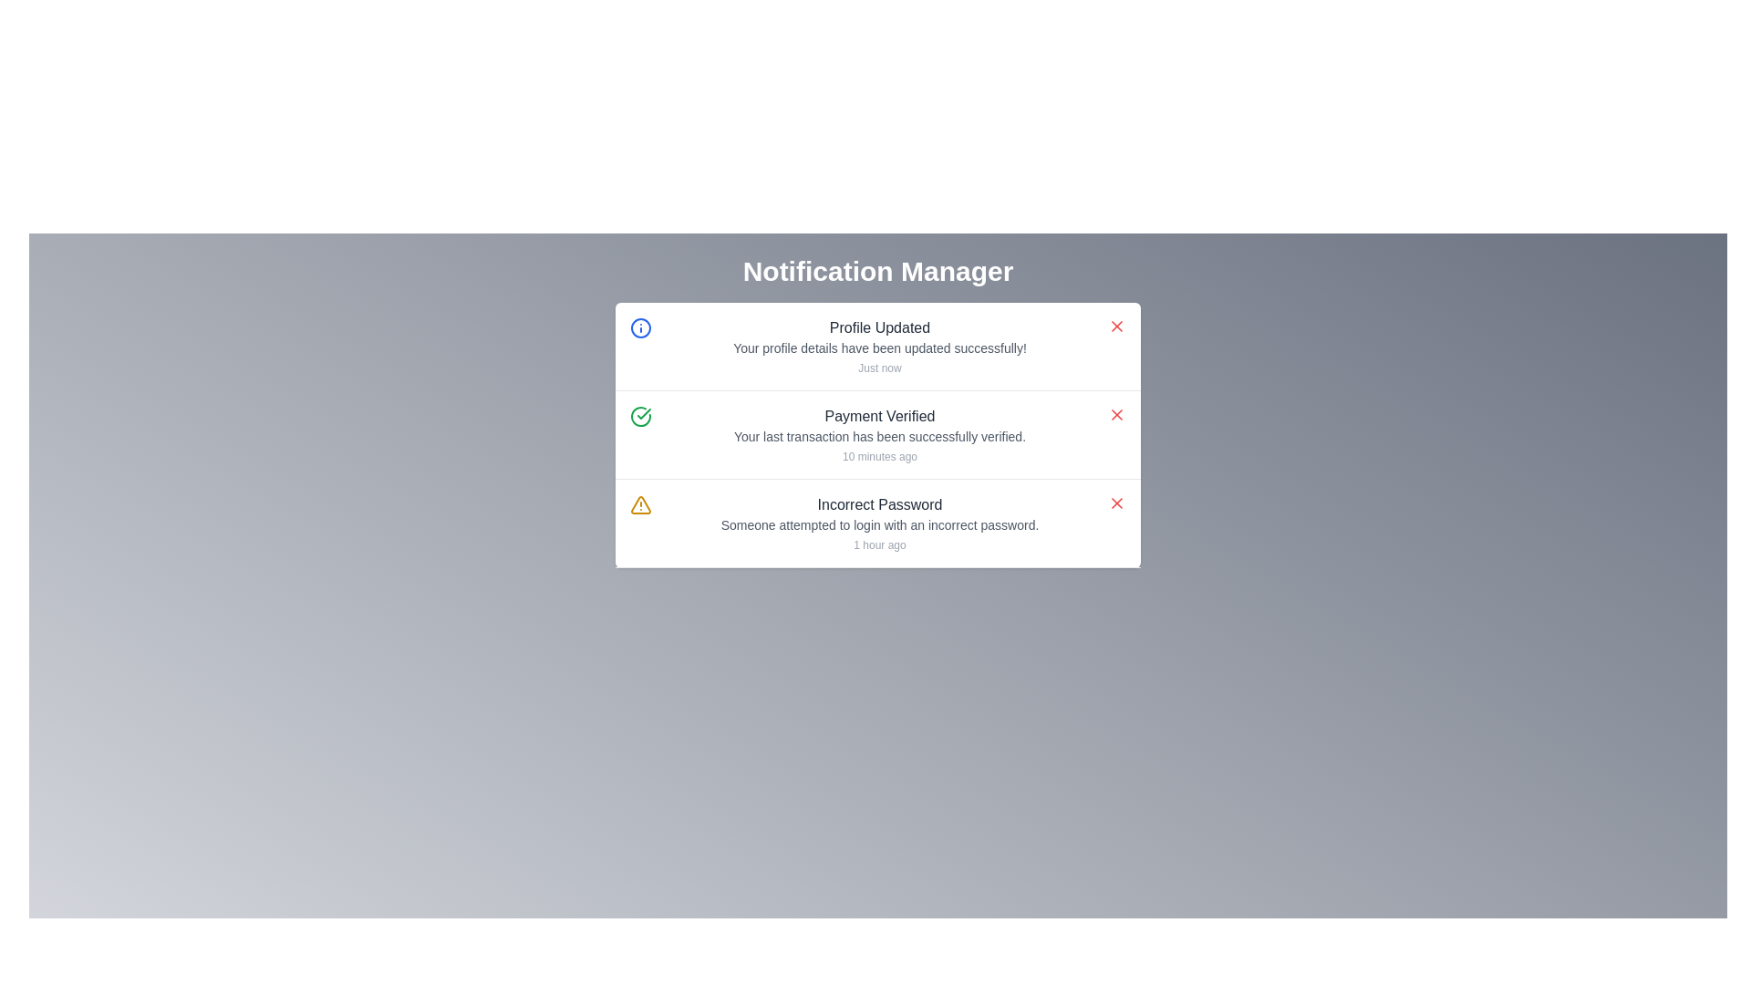  Describe the element at coordinates (879, 524) in the screenshot. I see `title and description of the Notification card that informs the user about an attempted login with an incorrect password, which is the third notification in the stacked list below the 'Payment Verified' notification` at that location.